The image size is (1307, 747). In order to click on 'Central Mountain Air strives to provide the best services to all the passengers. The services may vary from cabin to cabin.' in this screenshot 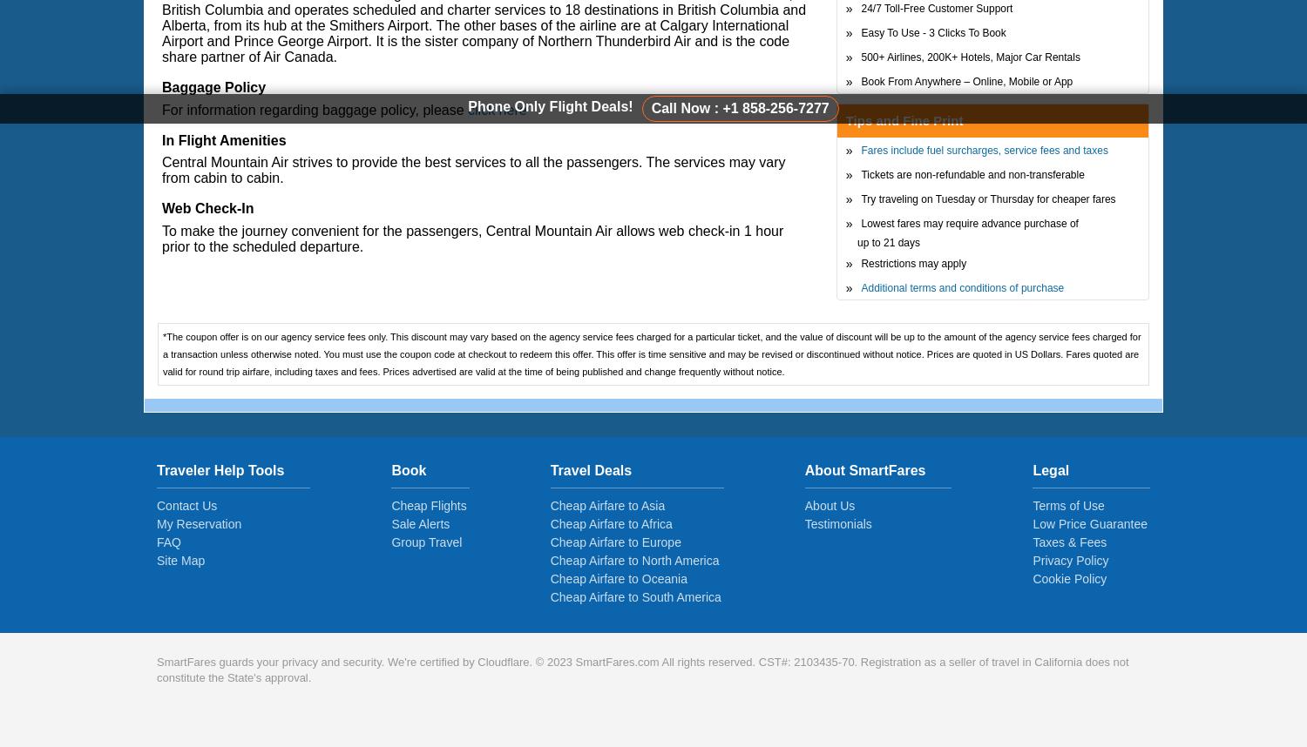, I will do `click(473, 170)`.